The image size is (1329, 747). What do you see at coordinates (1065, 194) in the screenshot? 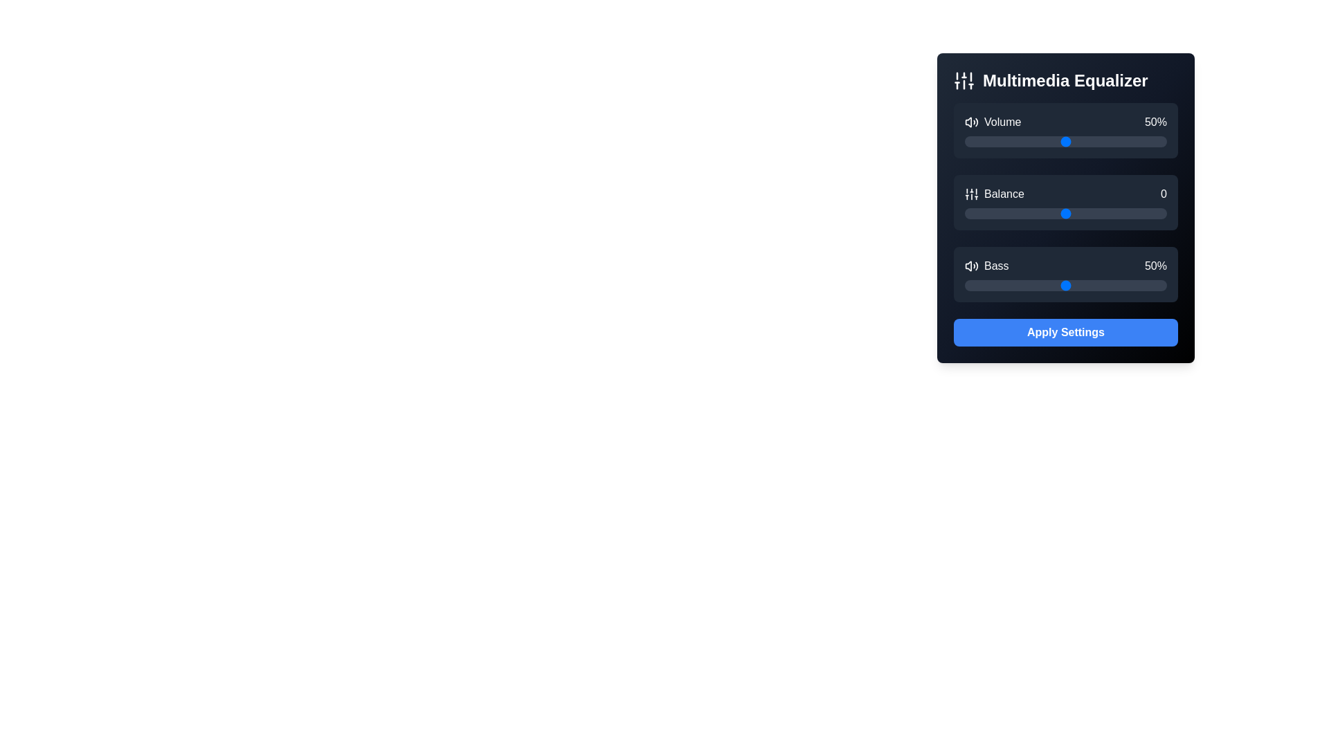
I see `the interactive balance adjustment slider located centrally beneath the 'Balance' label and the '0' value to change the balance value` at bounding box center [1065, 194].